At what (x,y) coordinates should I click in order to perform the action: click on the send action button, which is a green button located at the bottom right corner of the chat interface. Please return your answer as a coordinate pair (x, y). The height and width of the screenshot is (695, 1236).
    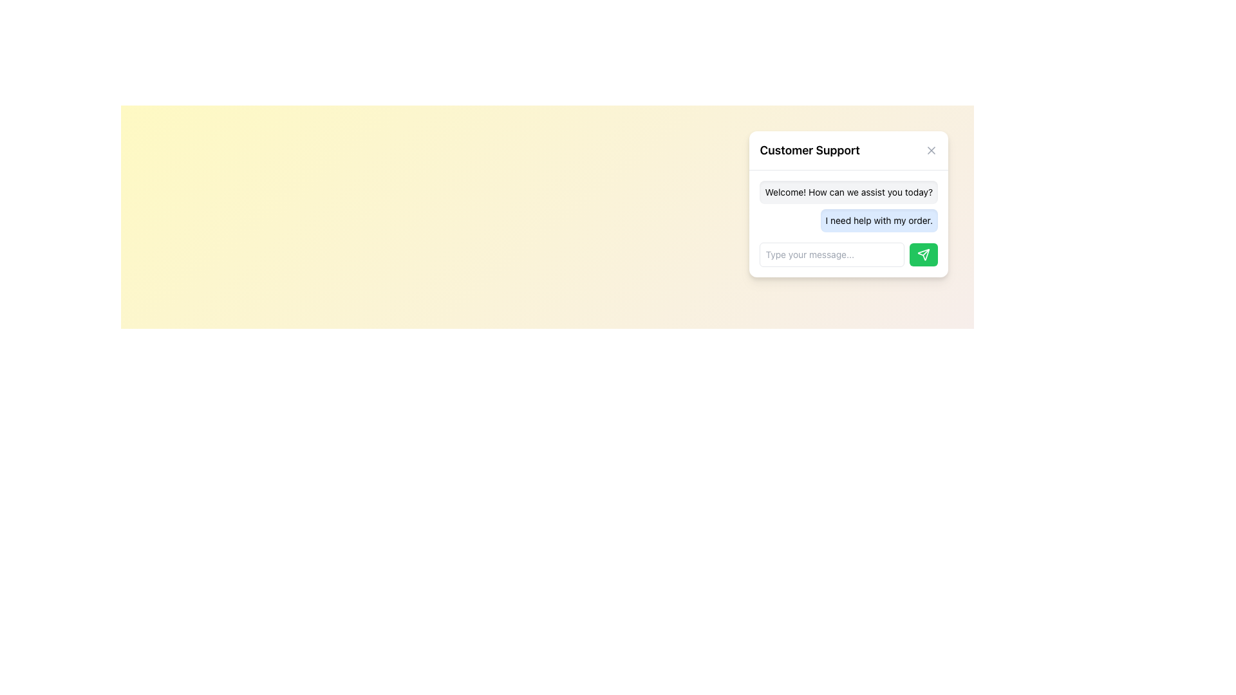
    Looking at the image, I should click on (923, 255).